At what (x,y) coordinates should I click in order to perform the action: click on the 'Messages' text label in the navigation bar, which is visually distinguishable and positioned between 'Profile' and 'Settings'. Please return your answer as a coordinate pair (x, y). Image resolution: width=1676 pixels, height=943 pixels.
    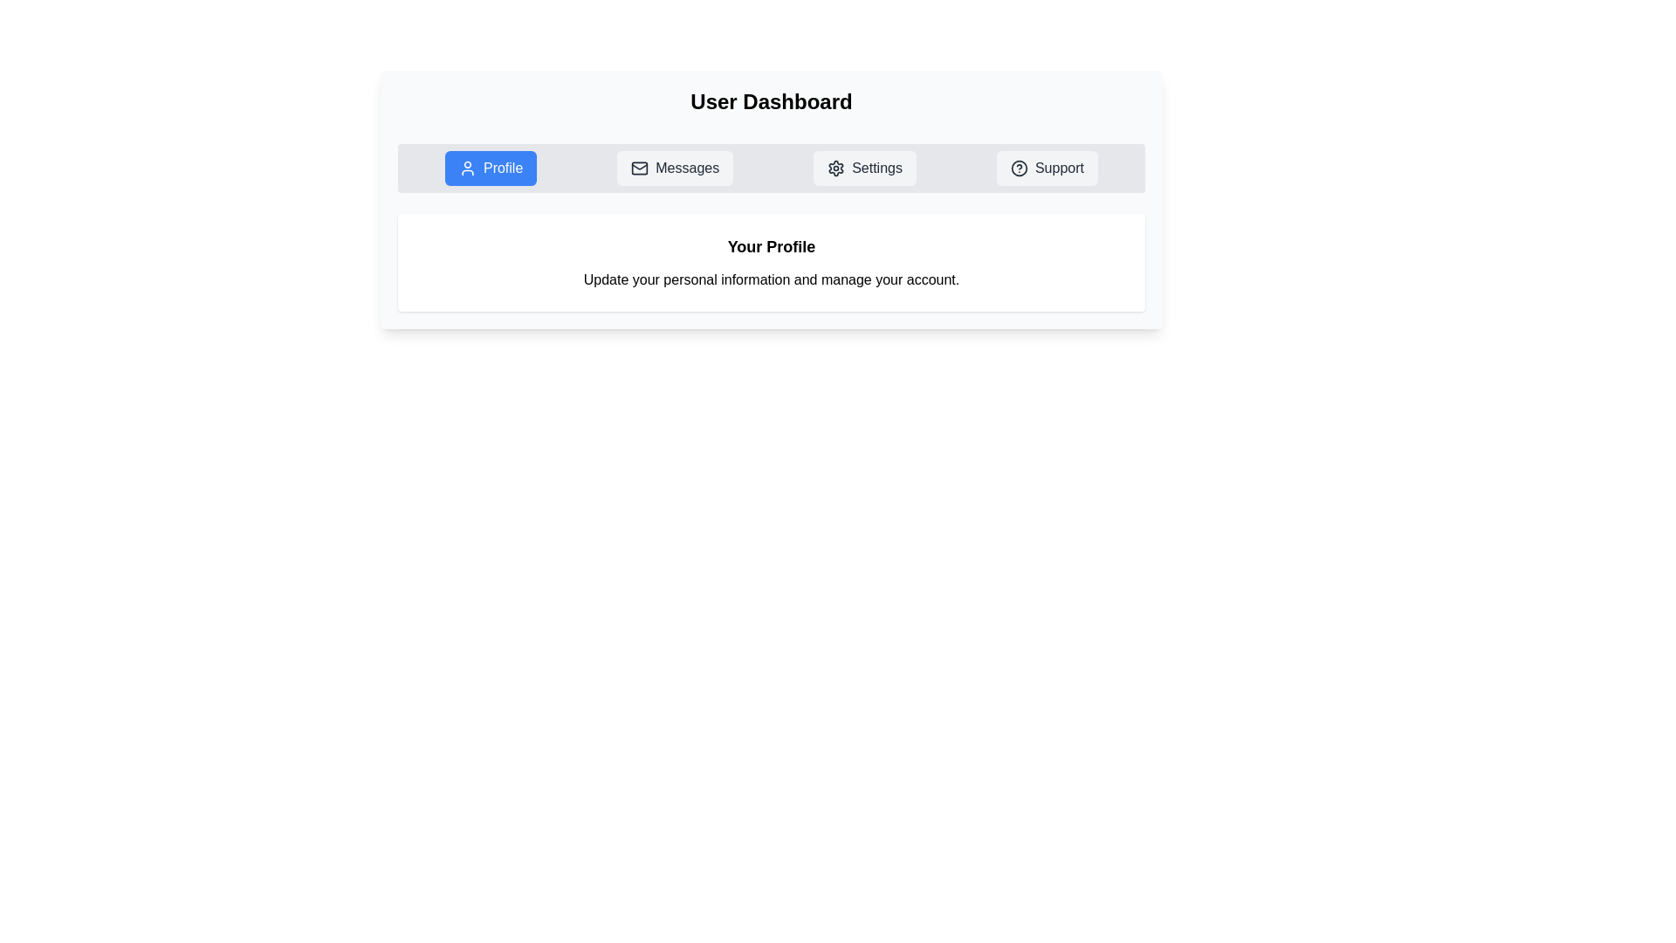
    Looking at the image, I should click on (686, 168).